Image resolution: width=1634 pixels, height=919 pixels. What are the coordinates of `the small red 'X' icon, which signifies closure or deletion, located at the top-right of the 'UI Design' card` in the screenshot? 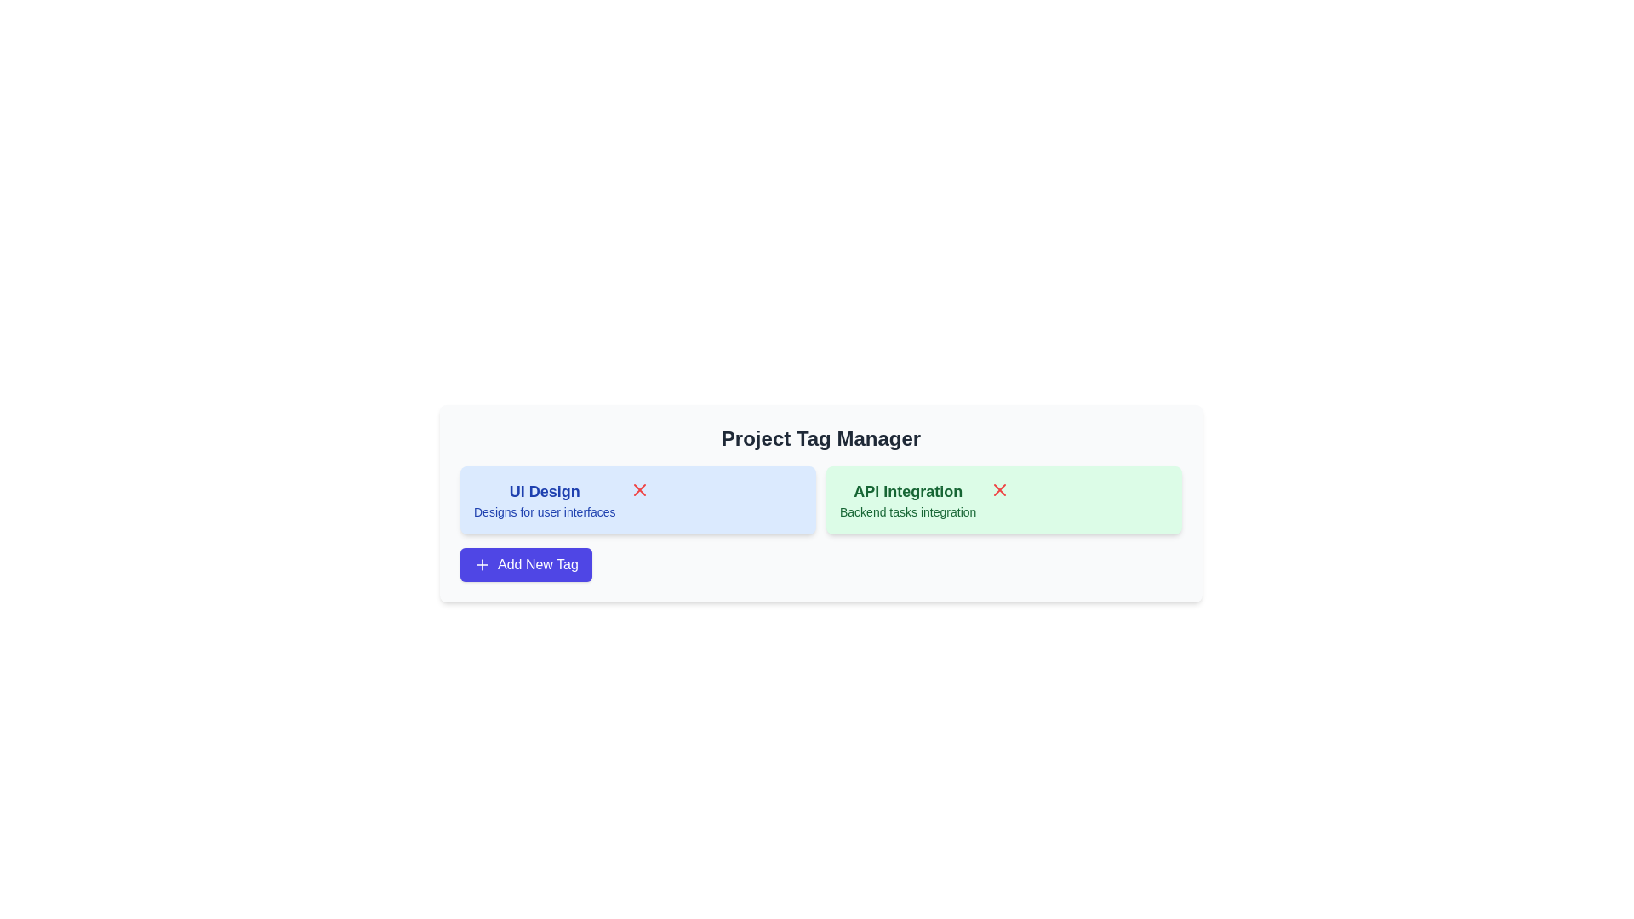 It's located at (638, 489).